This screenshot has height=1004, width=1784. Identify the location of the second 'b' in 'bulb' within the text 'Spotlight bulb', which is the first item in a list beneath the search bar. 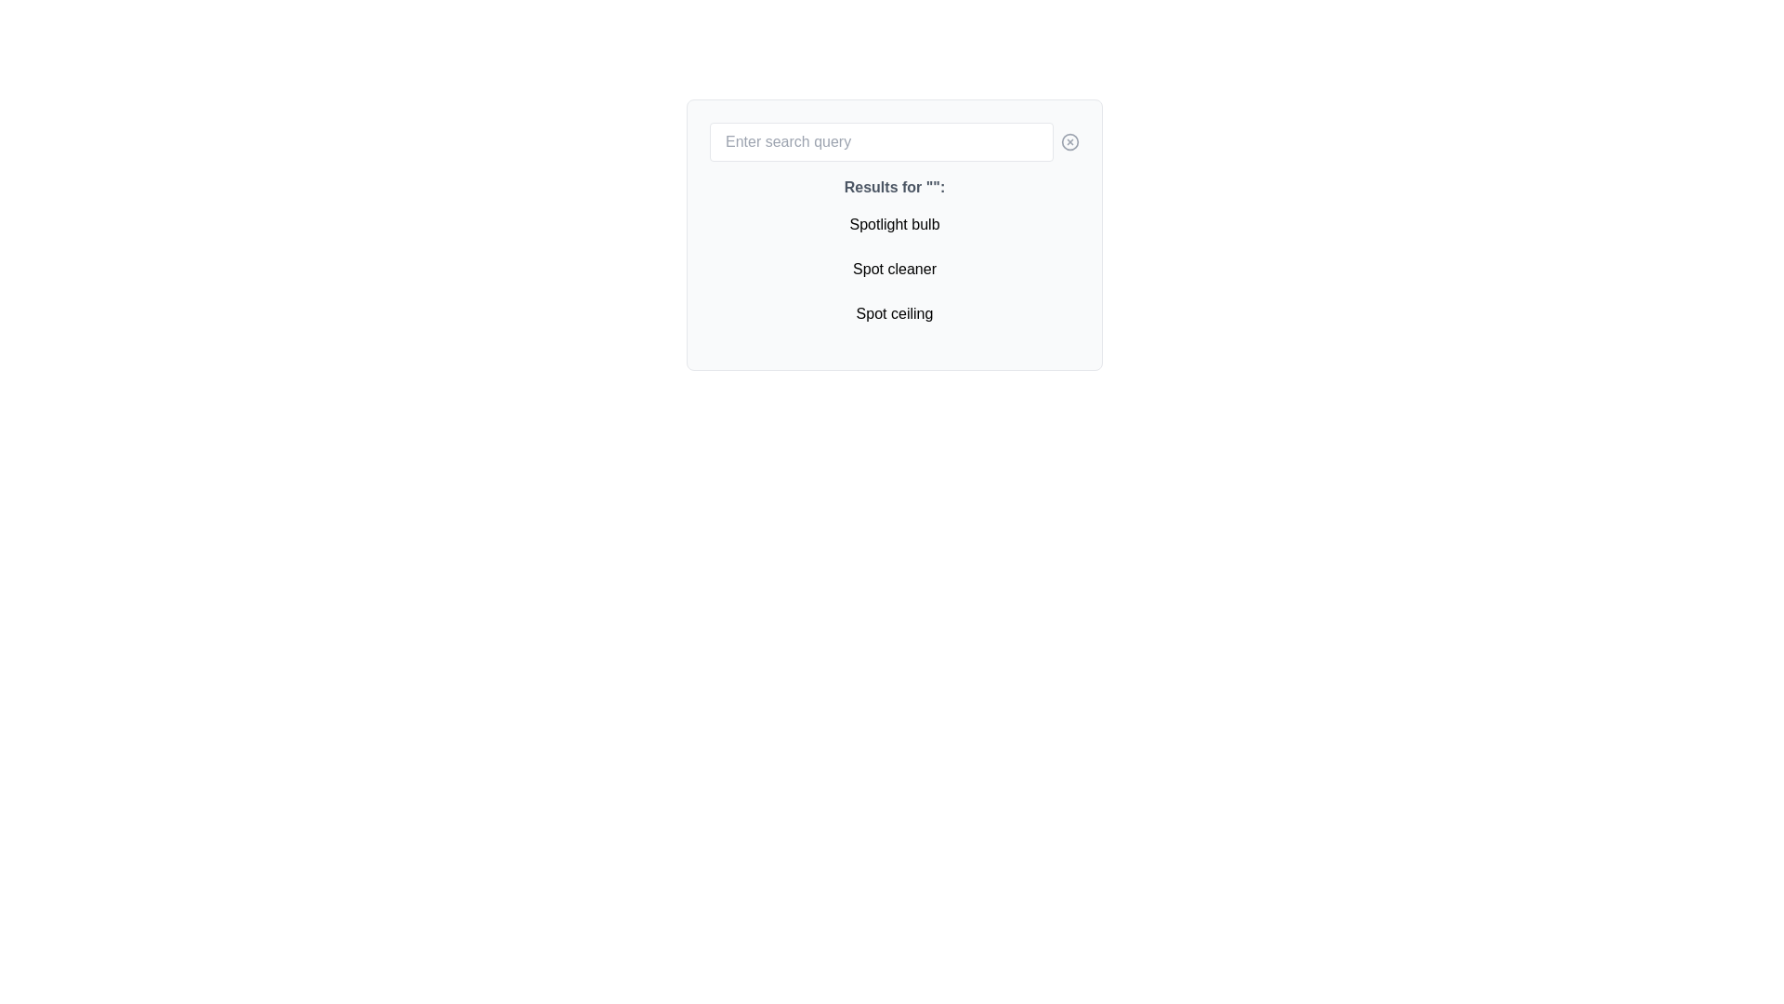
(936, 223).